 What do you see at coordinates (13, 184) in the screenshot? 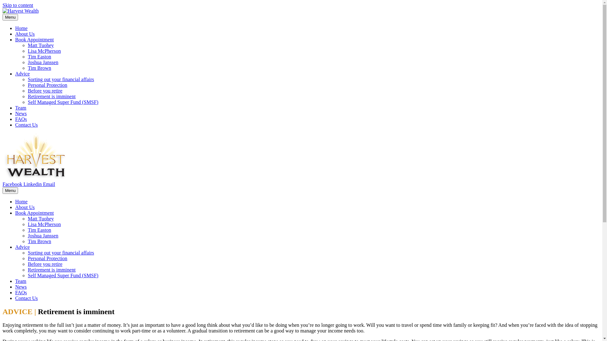
I see `'Facebook'` at bounding box center [13, 184].